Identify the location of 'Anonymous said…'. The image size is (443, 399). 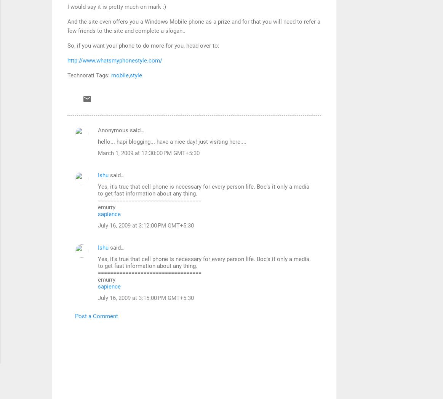
(97, 130).